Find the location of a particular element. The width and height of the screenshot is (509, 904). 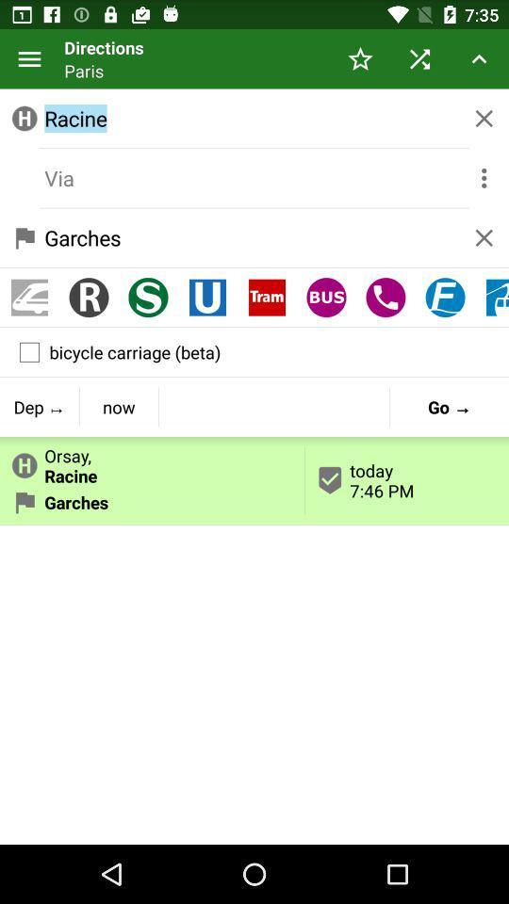

the icon above garches is located at coordinates (151, 460).